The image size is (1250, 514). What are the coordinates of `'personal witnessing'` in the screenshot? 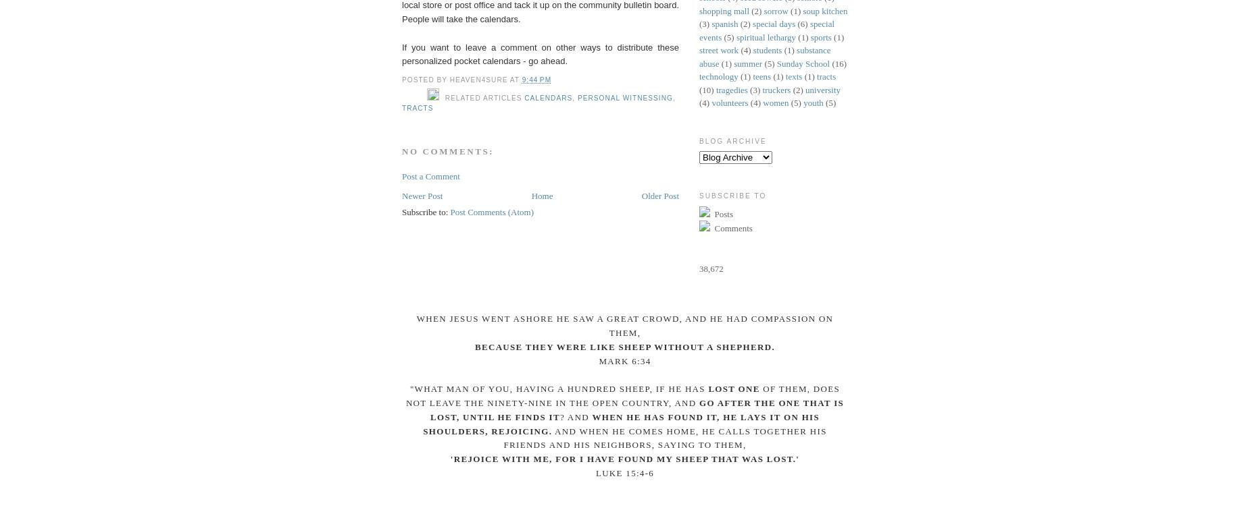 It's located at (576, 97).